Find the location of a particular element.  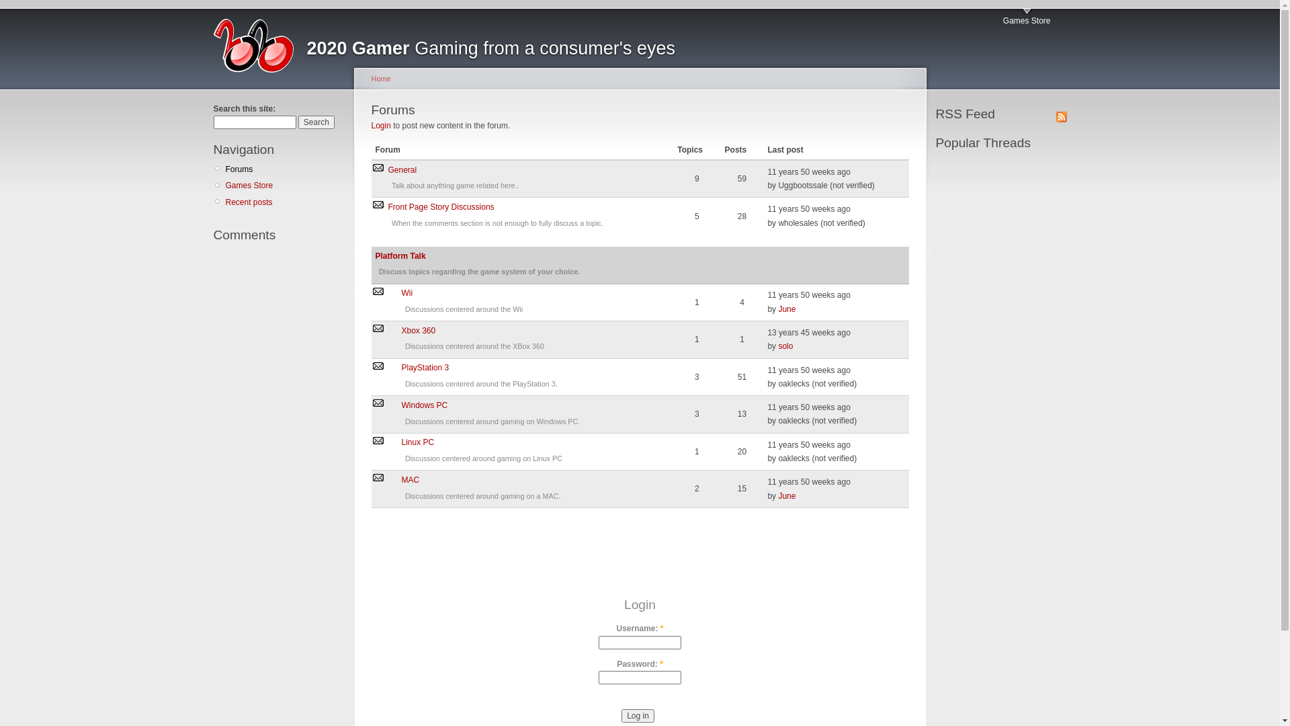

'June' is located at coordinates (787, 309).